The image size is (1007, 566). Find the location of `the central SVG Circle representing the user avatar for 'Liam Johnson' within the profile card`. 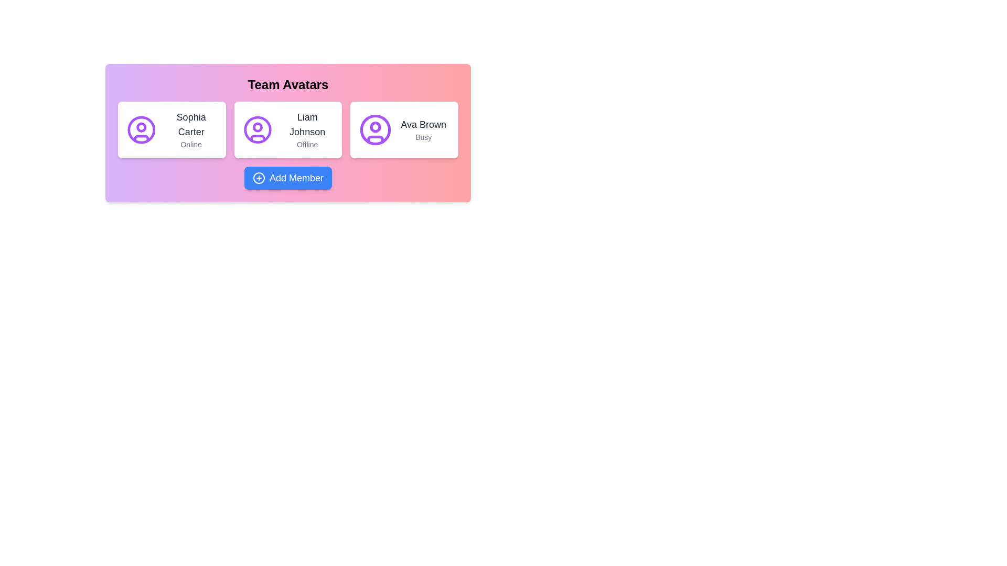

the central SVG Circle representing the user avatar for 'Liam Johnson' within the profile card is located at coordinates (258, 129).